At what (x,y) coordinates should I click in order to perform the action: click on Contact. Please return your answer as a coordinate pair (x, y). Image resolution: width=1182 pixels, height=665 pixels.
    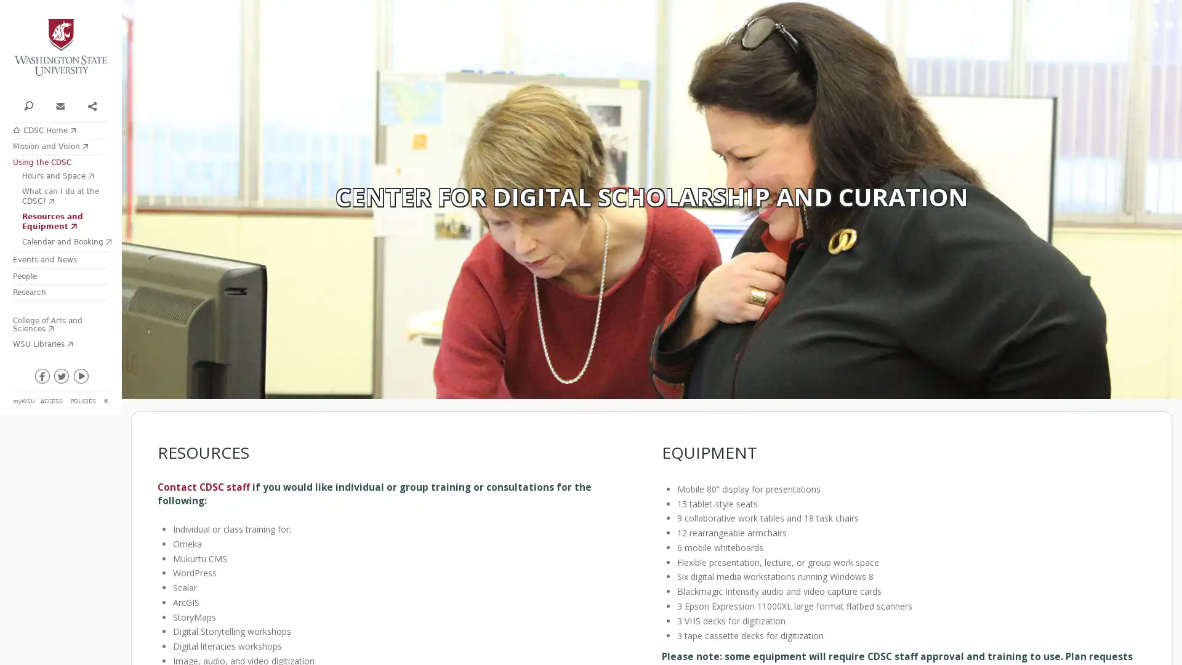
    Looking at the image, I should click on (59, 104).